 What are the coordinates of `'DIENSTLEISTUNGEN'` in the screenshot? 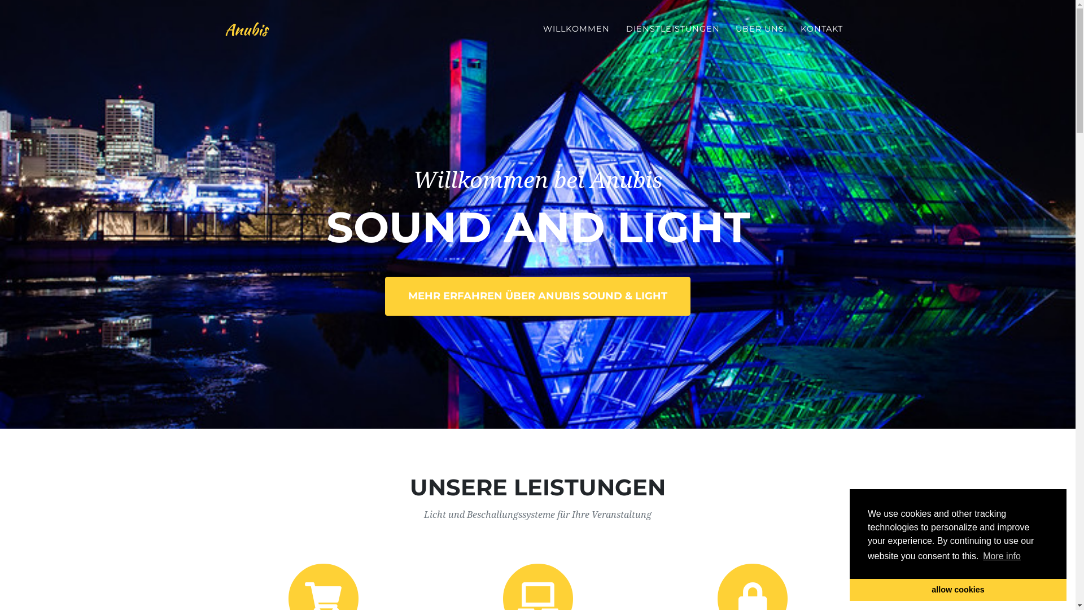 It's located at (672, 28).